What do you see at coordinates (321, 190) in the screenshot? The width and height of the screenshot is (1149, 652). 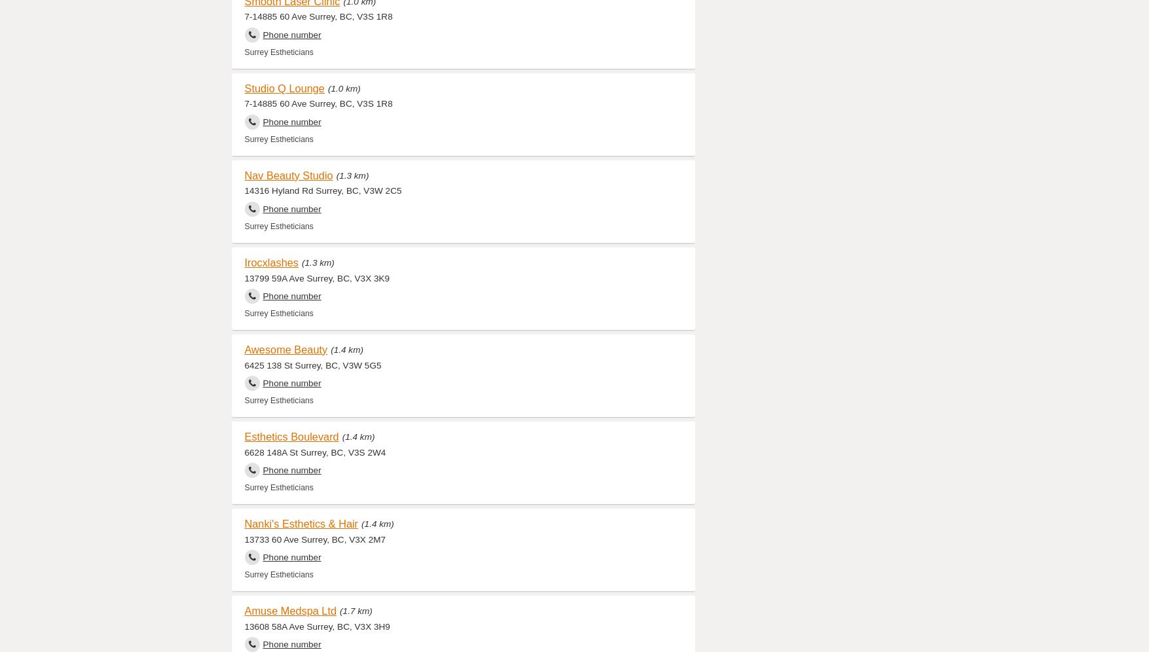 I see `'14316 Hyland Rd Surrey, BC, V3W 2C5'` at bounding box center [321, 190].